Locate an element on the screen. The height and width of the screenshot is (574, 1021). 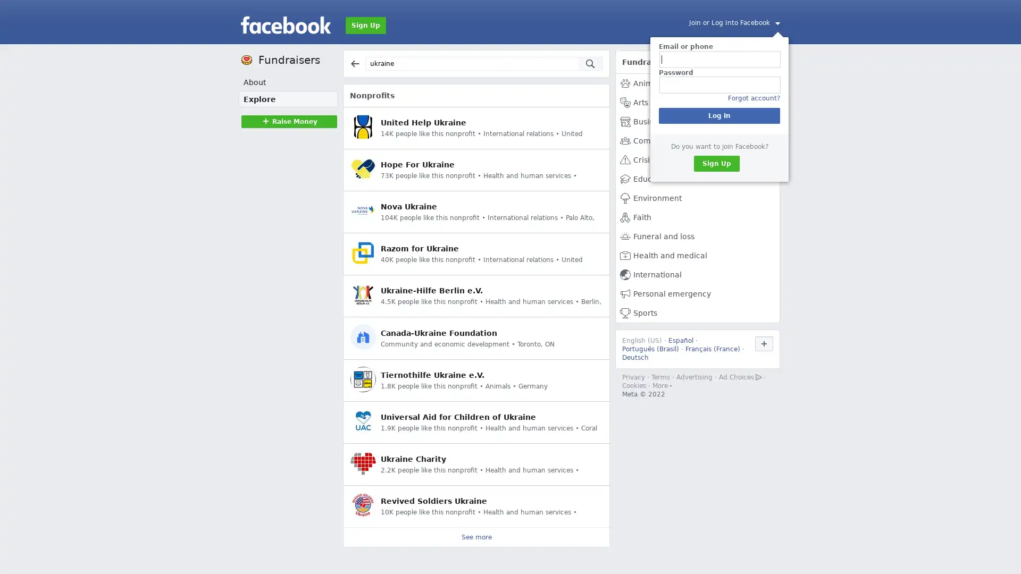
Portugues (Brasil) is located at coordinates (650, 349).